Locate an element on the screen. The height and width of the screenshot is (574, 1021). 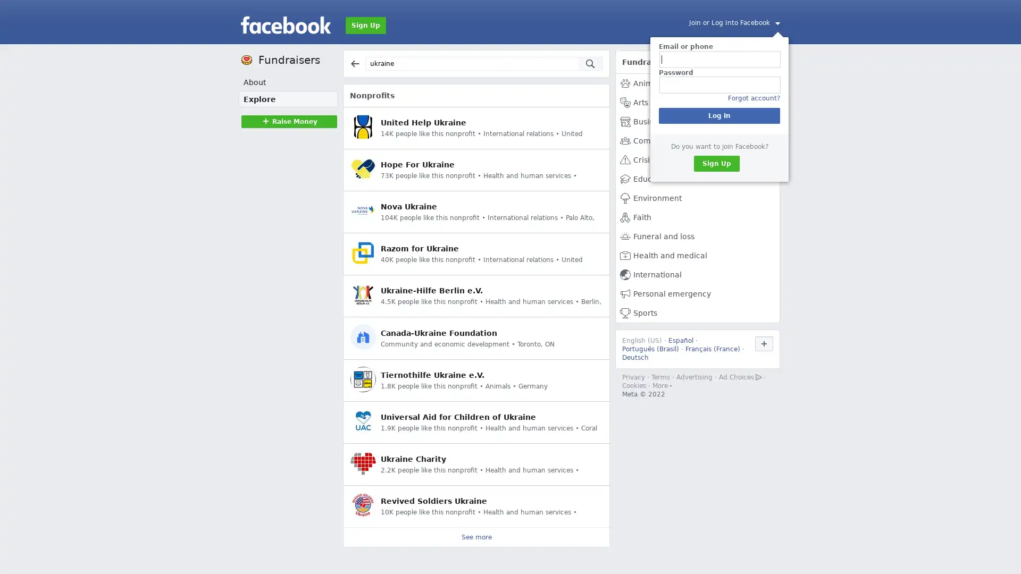
Portugues (Brasil) is located at coordinates (650, 349).